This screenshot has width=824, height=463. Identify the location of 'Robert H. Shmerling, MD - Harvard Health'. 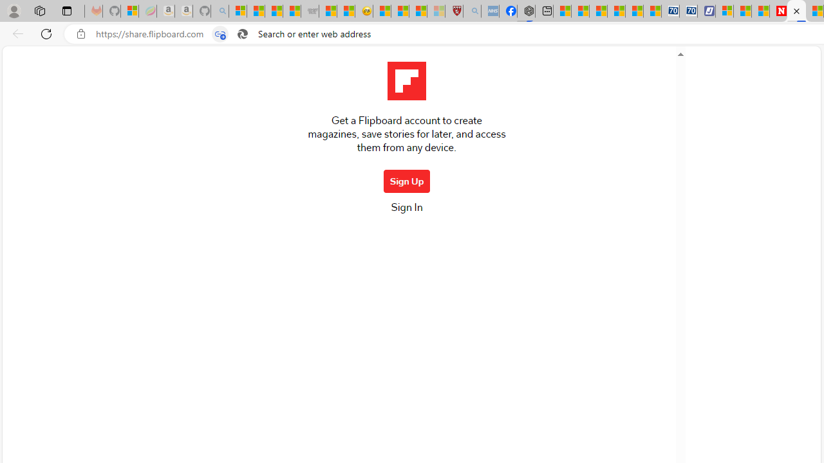
(454, 11).